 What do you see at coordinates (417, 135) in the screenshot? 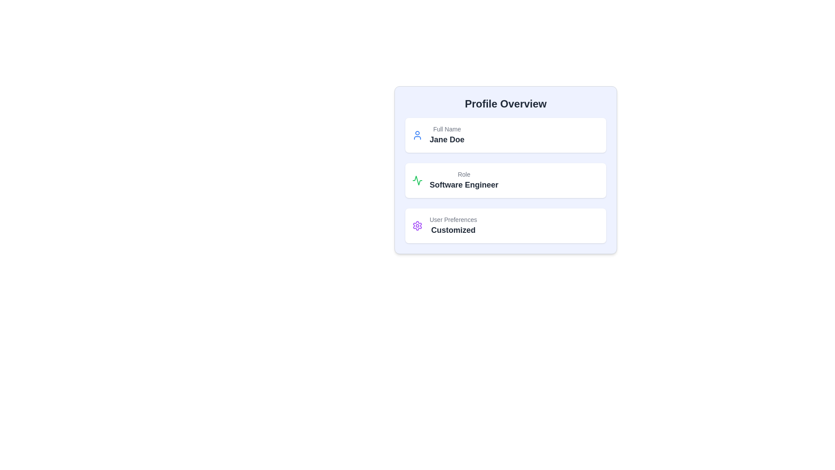
I see `the user information icon located to the left of the 'Full Name' label and 'Jane Doe' in the 'Profile Overview' interface` at bounding box center [417, 135].